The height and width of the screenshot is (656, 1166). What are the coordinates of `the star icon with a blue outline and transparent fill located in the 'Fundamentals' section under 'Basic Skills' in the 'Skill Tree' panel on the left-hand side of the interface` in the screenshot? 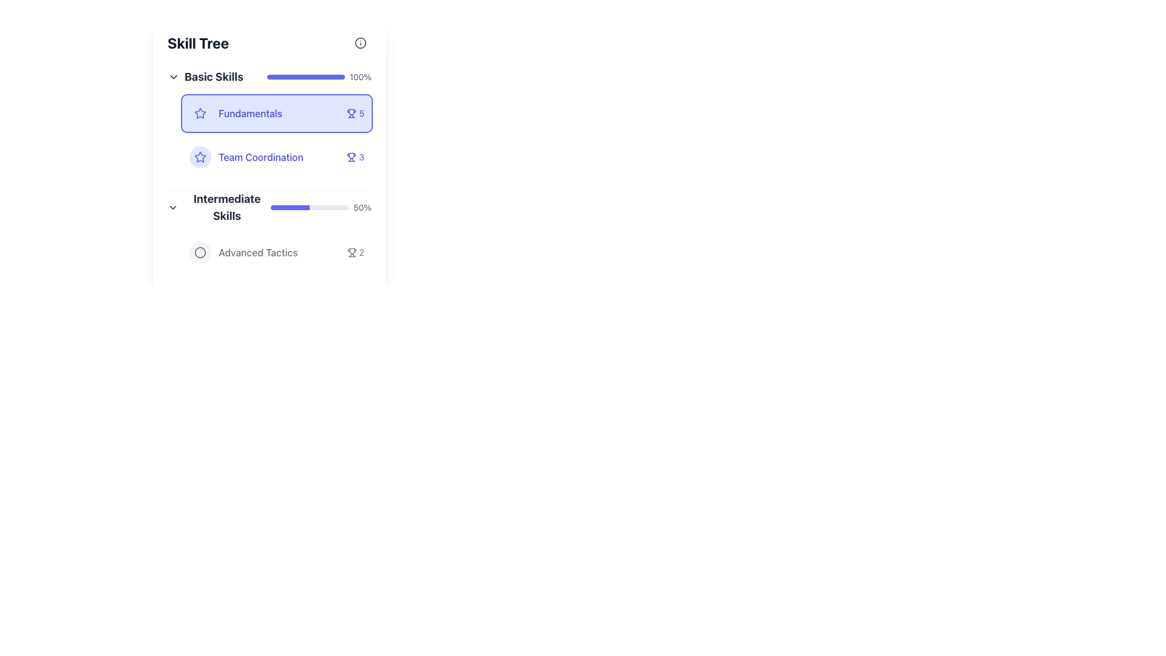 It's located at (200, 156).